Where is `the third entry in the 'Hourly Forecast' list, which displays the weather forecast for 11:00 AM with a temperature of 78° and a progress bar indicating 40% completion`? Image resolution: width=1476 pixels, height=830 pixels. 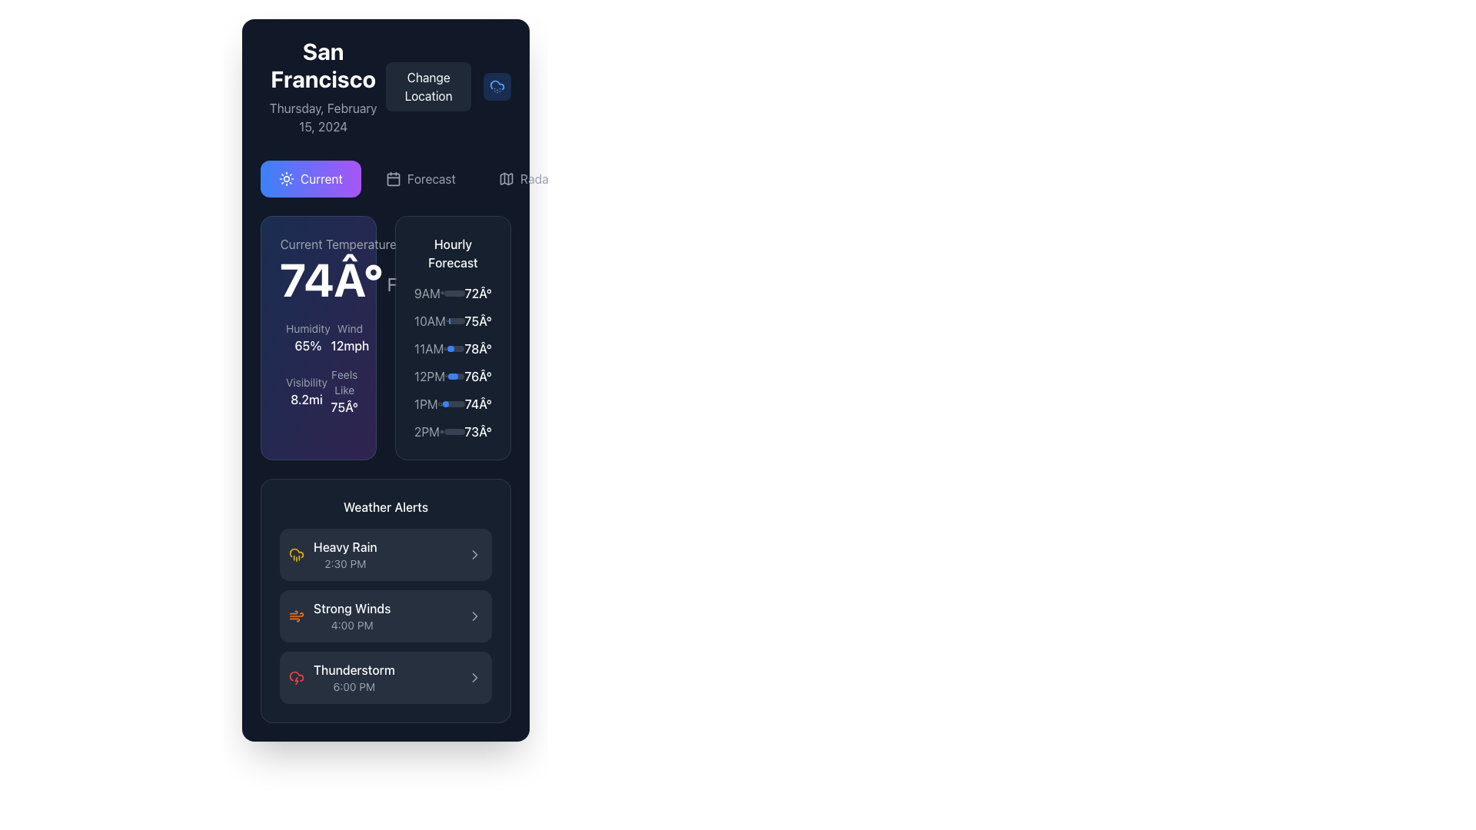 the third entry in the 'Hourly Forecast' list, which displays the weather forecast for 11:00 AM with a temperature of 78° and a progress bar indicating 40% completion is located at coordinates (452, 349).